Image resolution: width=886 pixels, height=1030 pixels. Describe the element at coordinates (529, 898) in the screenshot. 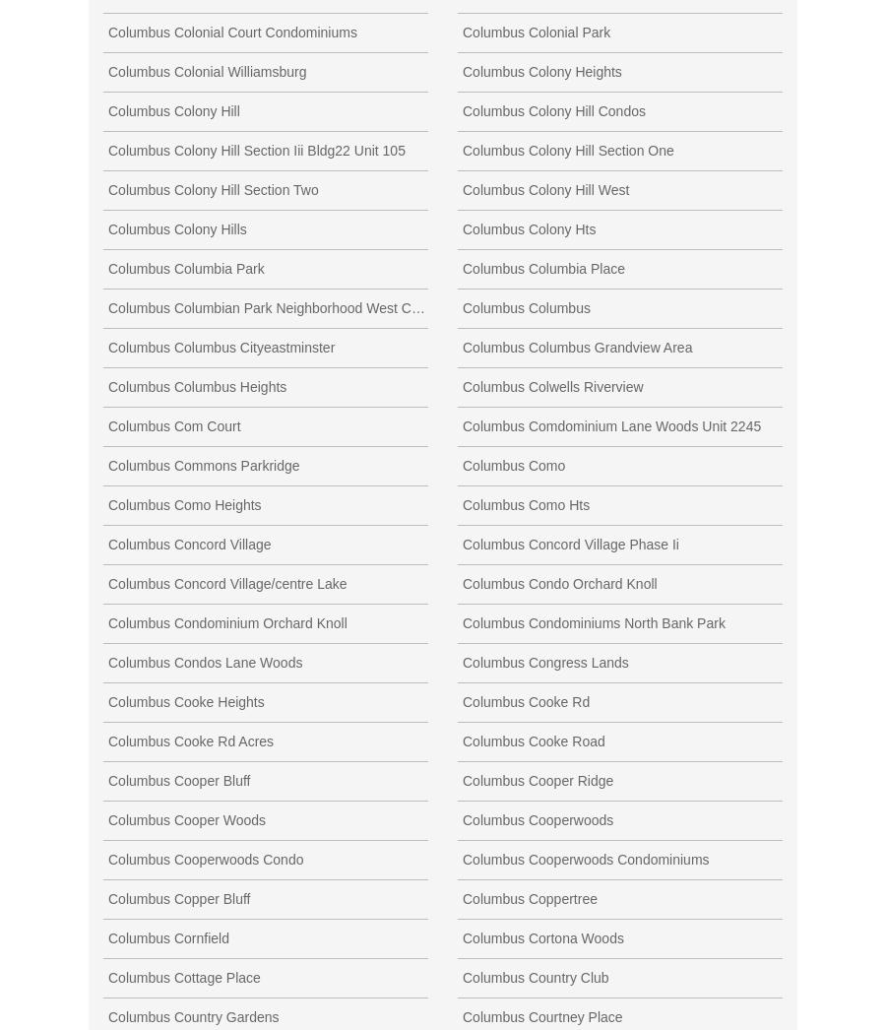

I see `'Columbus Coppertree'` at that location.